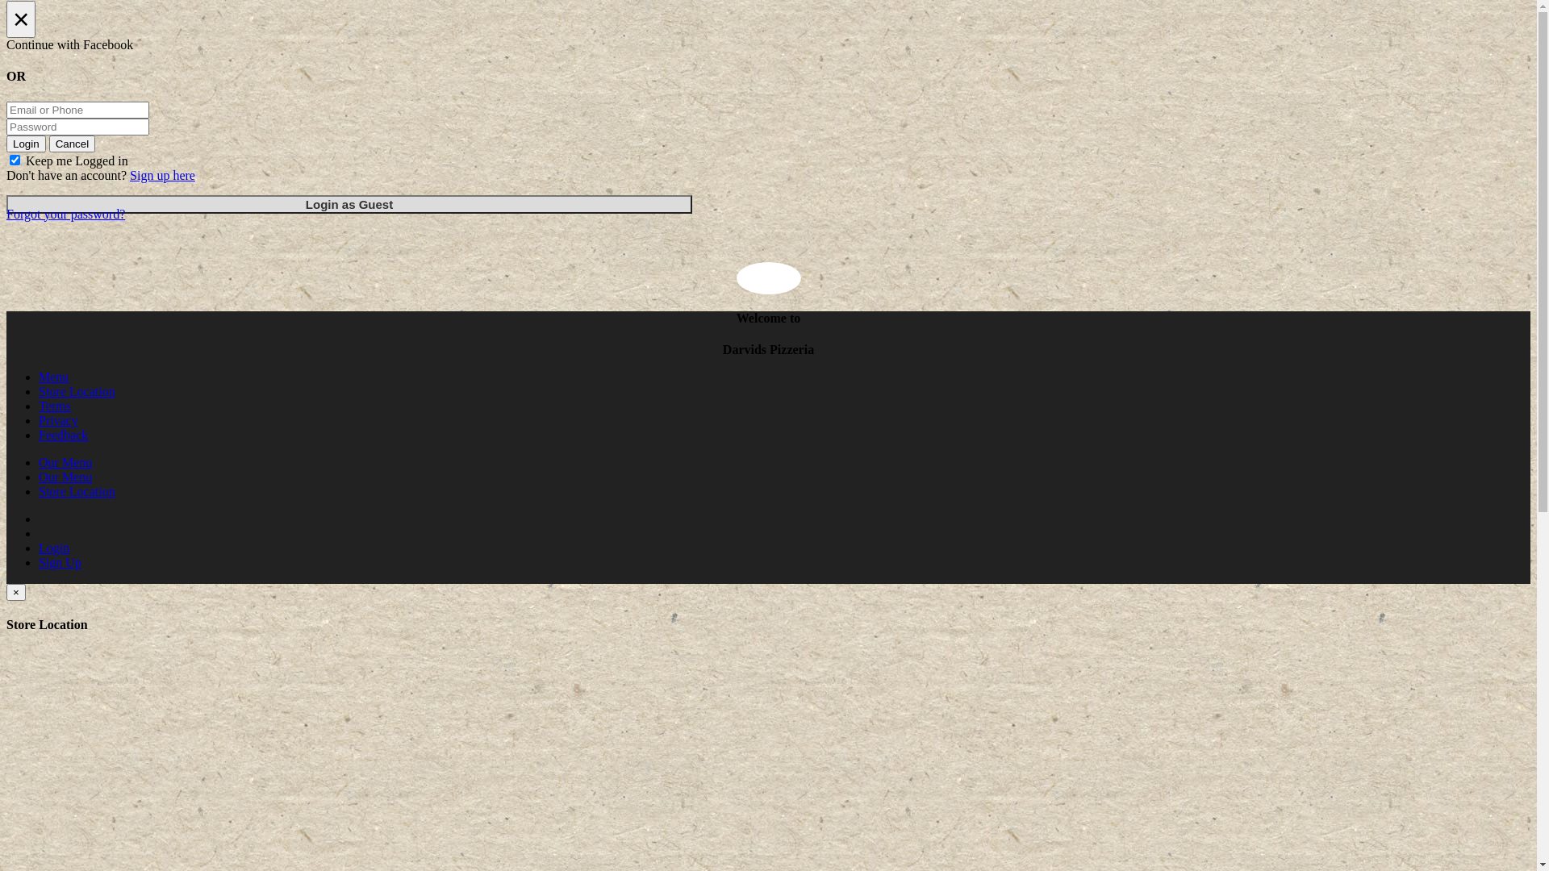 Image resolution: width=1549 pixels, height=871 pixels. What do you see at coordinates (72, 143) in the screenshot?
I see `'Cancel'` at bounding box center [72, 143].